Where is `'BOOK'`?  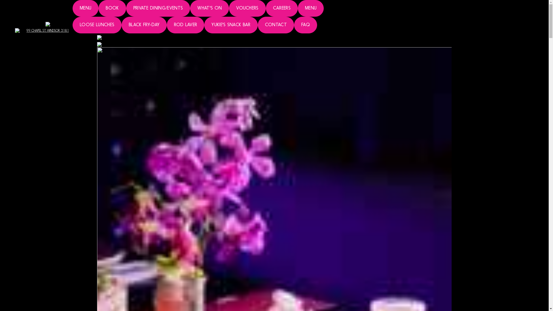 'BOOK' is located at coordinates (112, 8).